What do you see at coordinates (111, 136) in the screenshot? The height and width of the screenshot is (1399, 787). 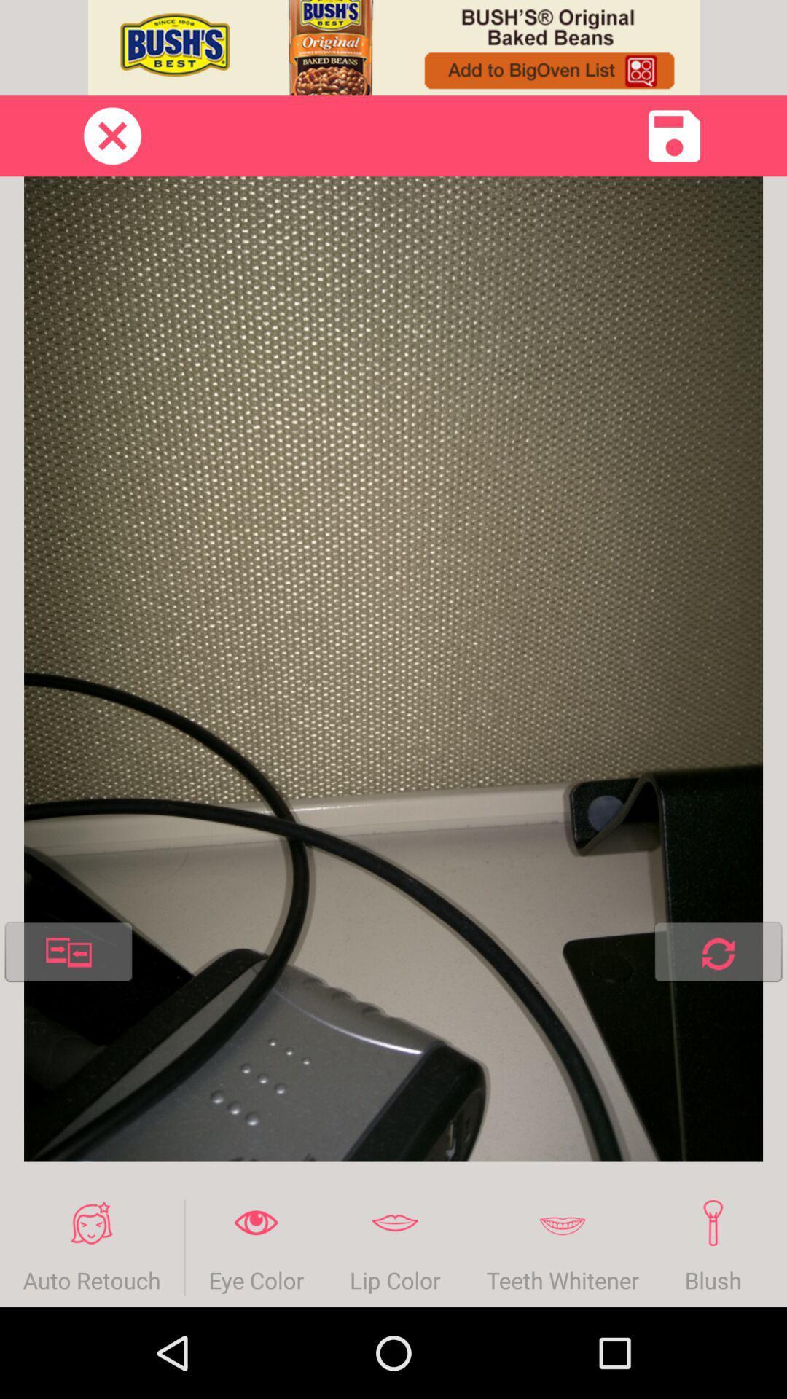 I see `page` at bounding box center [111, 136].